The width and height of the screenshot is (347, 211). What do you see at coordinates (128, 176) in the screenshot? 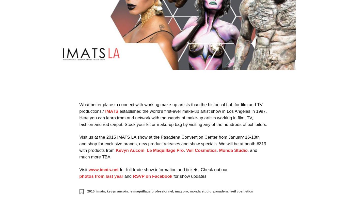
I see `'and'` at bounding box center [128, 176].